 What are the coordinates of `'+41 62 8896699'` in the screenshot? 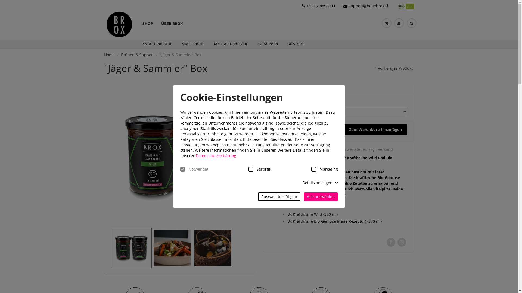 It's located at (318, 6).